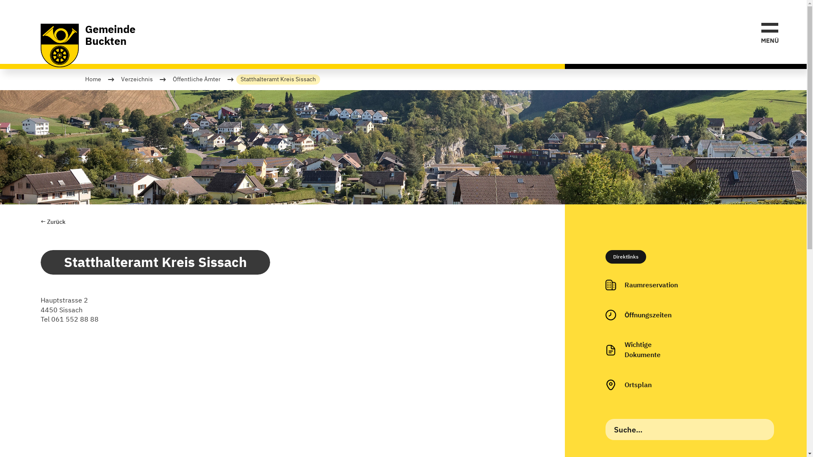  Describe the element at coordinates (597, 350) in the screenshot. I see `'Wichtige Dokumente'` at that location.